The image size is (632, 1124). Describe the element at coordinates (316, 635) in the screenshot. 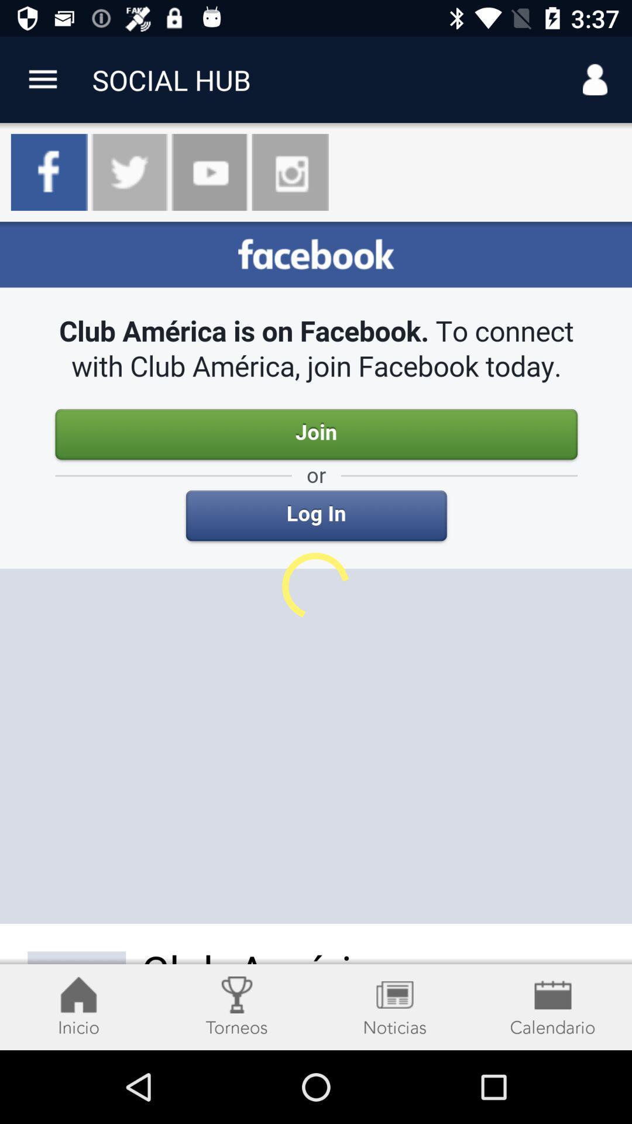

I see `facebook login pages` at that location.